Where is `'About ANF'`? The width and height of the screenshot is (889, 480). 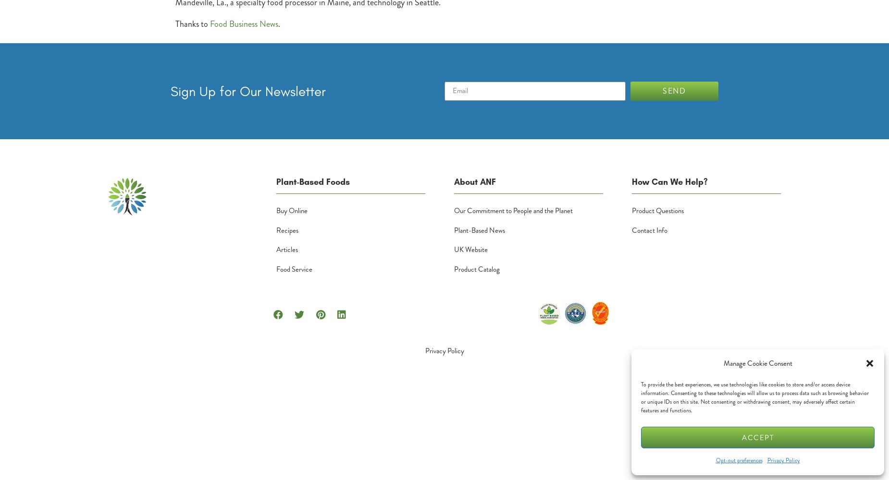
'About ANF' is located at coordinates (474, 181).